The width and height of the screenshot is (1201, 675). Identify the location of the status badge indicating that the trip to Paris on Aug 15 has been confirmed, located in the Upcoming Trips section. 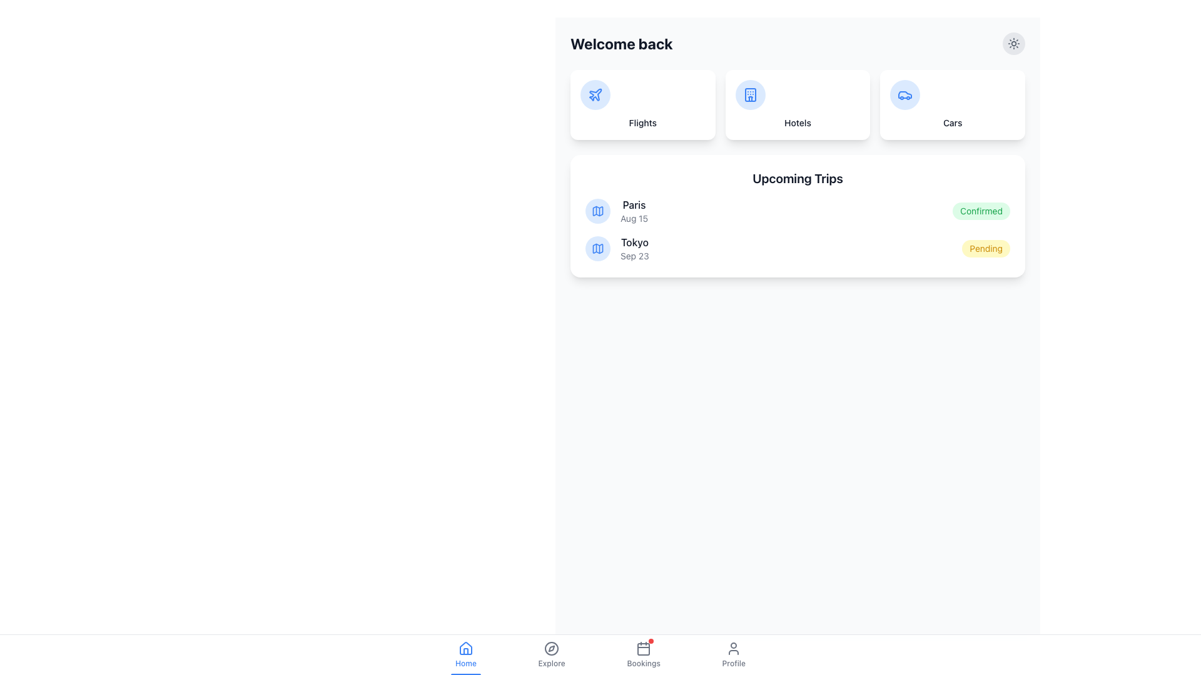
(981, 211).